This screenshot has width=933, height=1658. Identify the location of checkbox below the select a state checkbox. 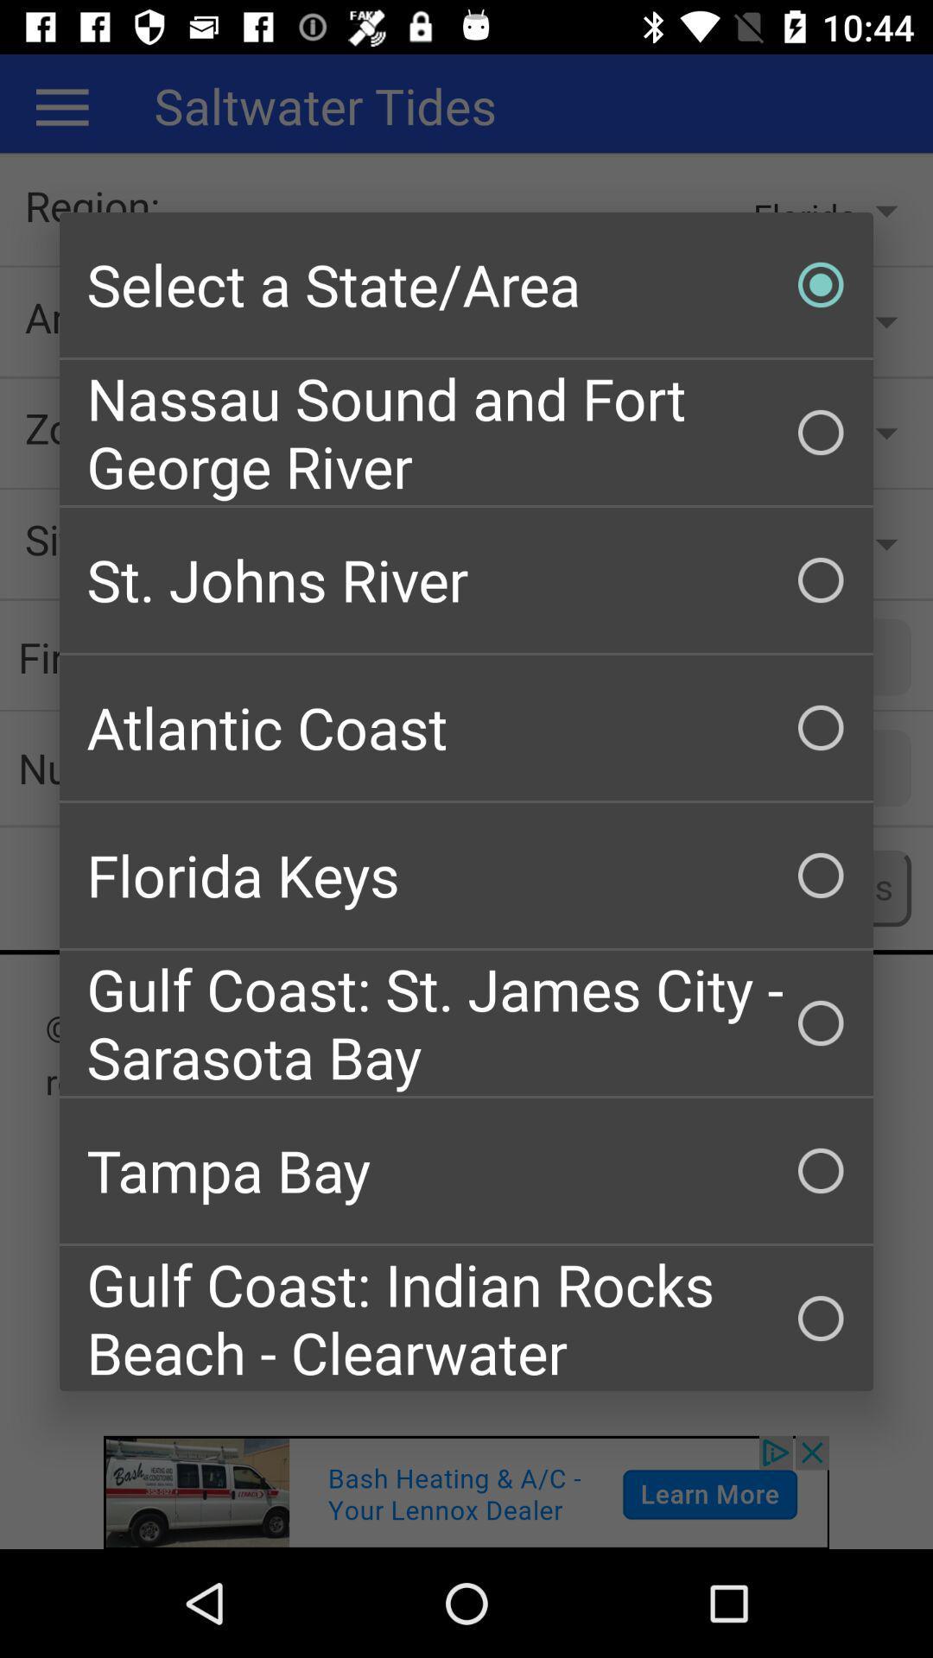
(466, 432).